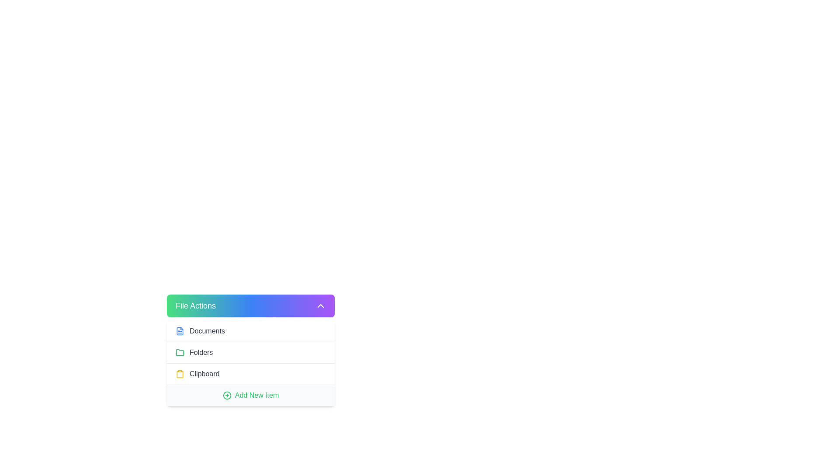 The image size is (839, 472). What do you see at coordinates (180, 352) in the screenshot?
I see `the folder icon, which is the second item in the 'Folders' section under 'File Actions'` at bounding box center [180, 352].